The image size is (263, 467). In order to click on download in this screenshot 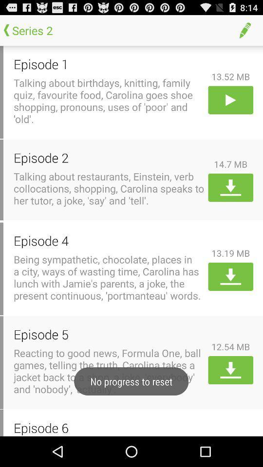, I will do `click(230, 370)`.